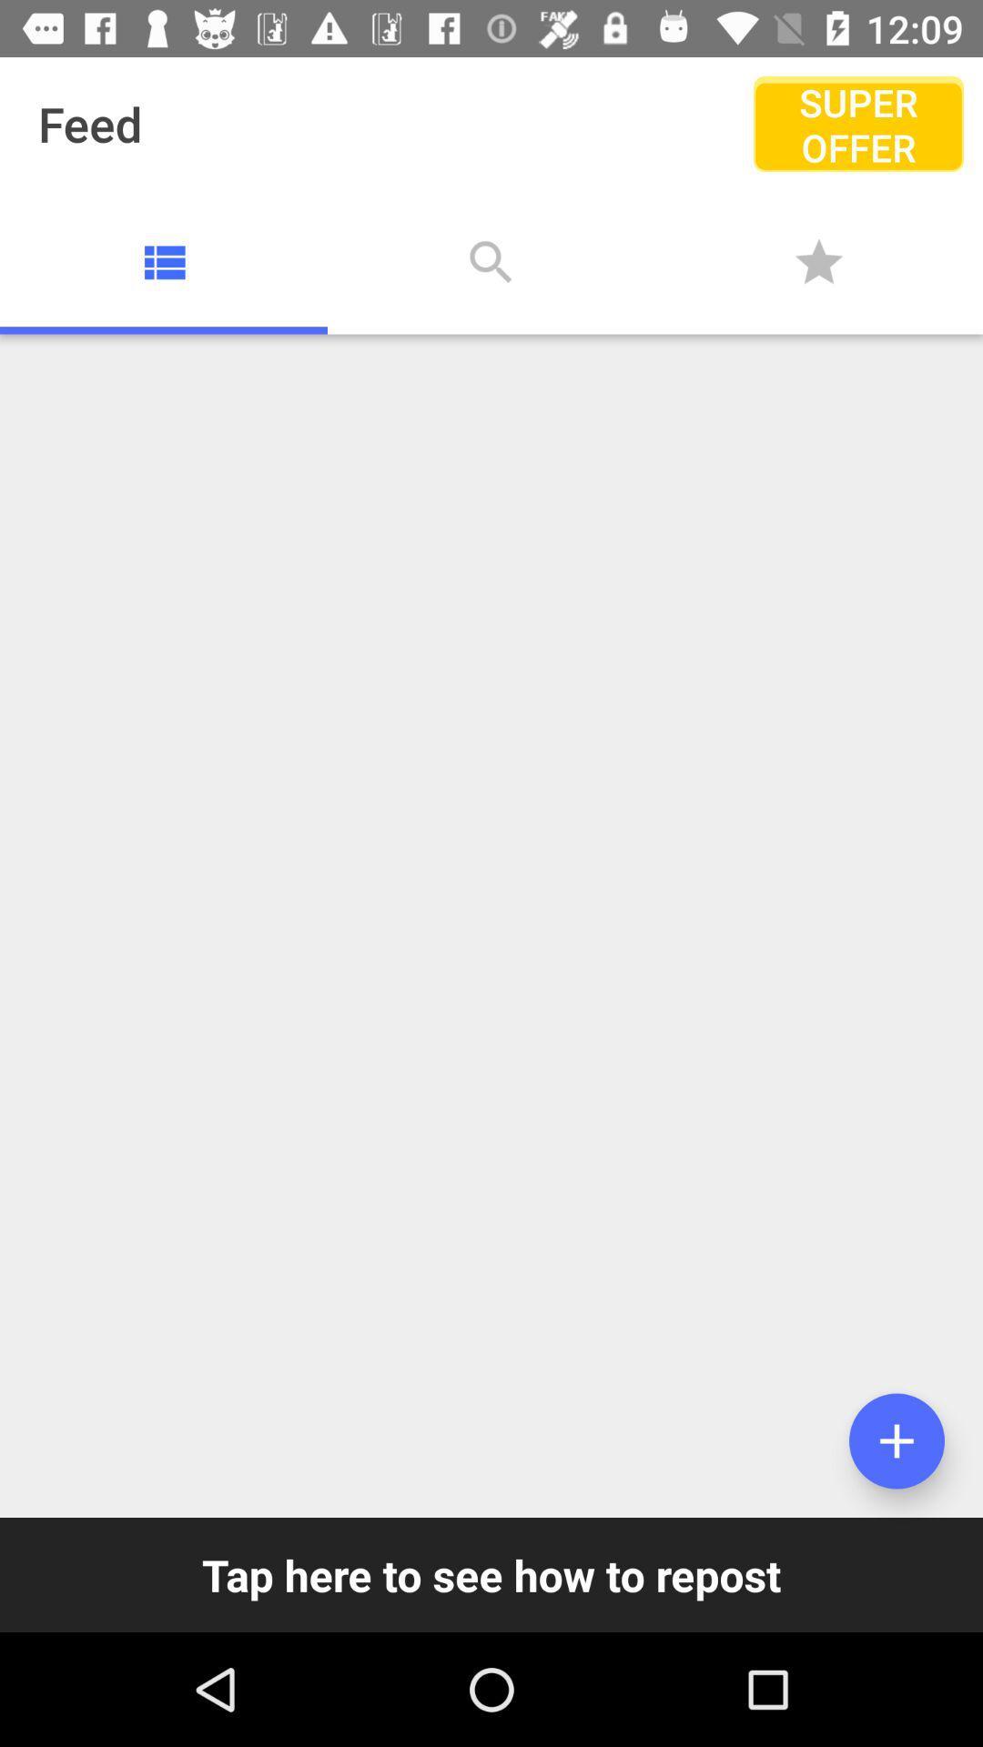 The width and height of the screenshot is (983, 1747). I want to click on adds, so click(896, 1440).